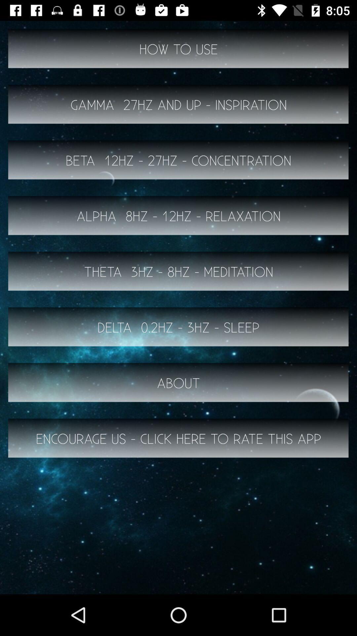  What do you see at coordinates (178, 104) in the screenshot?
I see `the gamma 27hz and button` at bounding box center [178, 104].